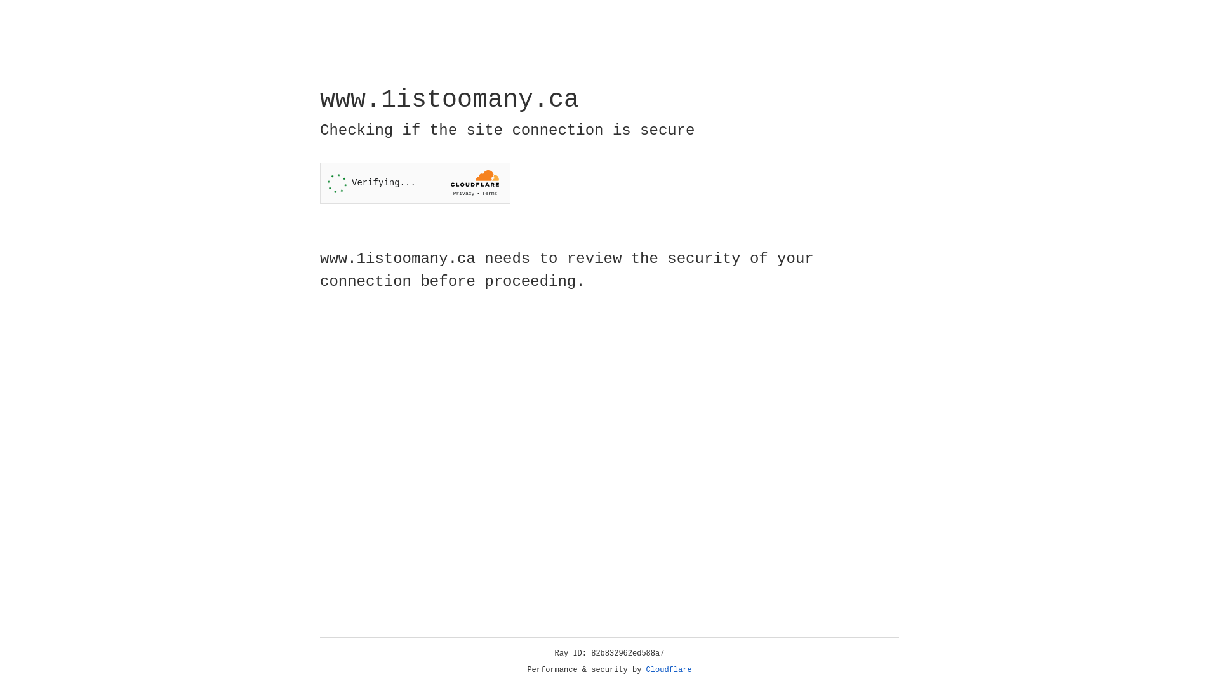  What do you see at coordinates (646, 669) in the screenshot?
I see `'Cloudflare'` at bounding box center [646, 669].